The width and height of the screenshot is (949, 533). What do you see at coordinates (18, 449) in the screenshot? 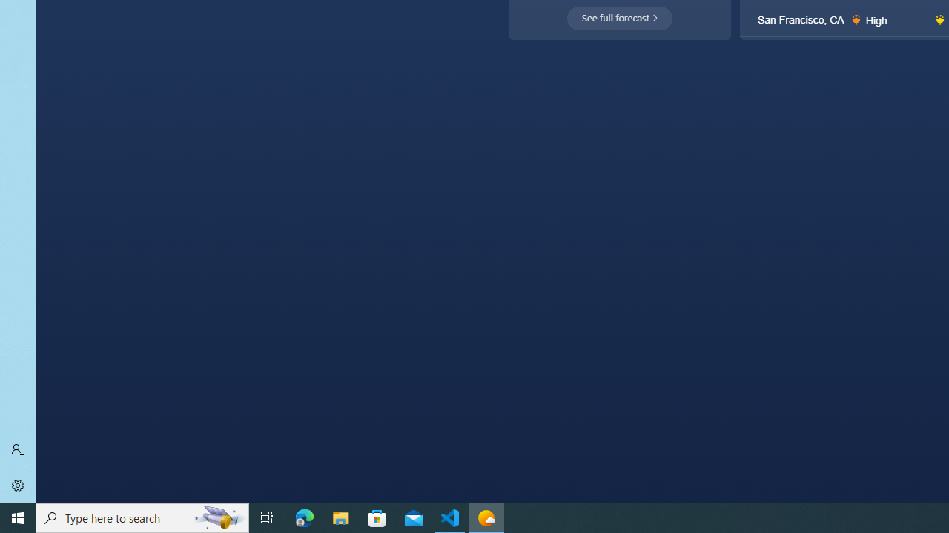
I see `'Sign in'` at bounding box center [18, 449].